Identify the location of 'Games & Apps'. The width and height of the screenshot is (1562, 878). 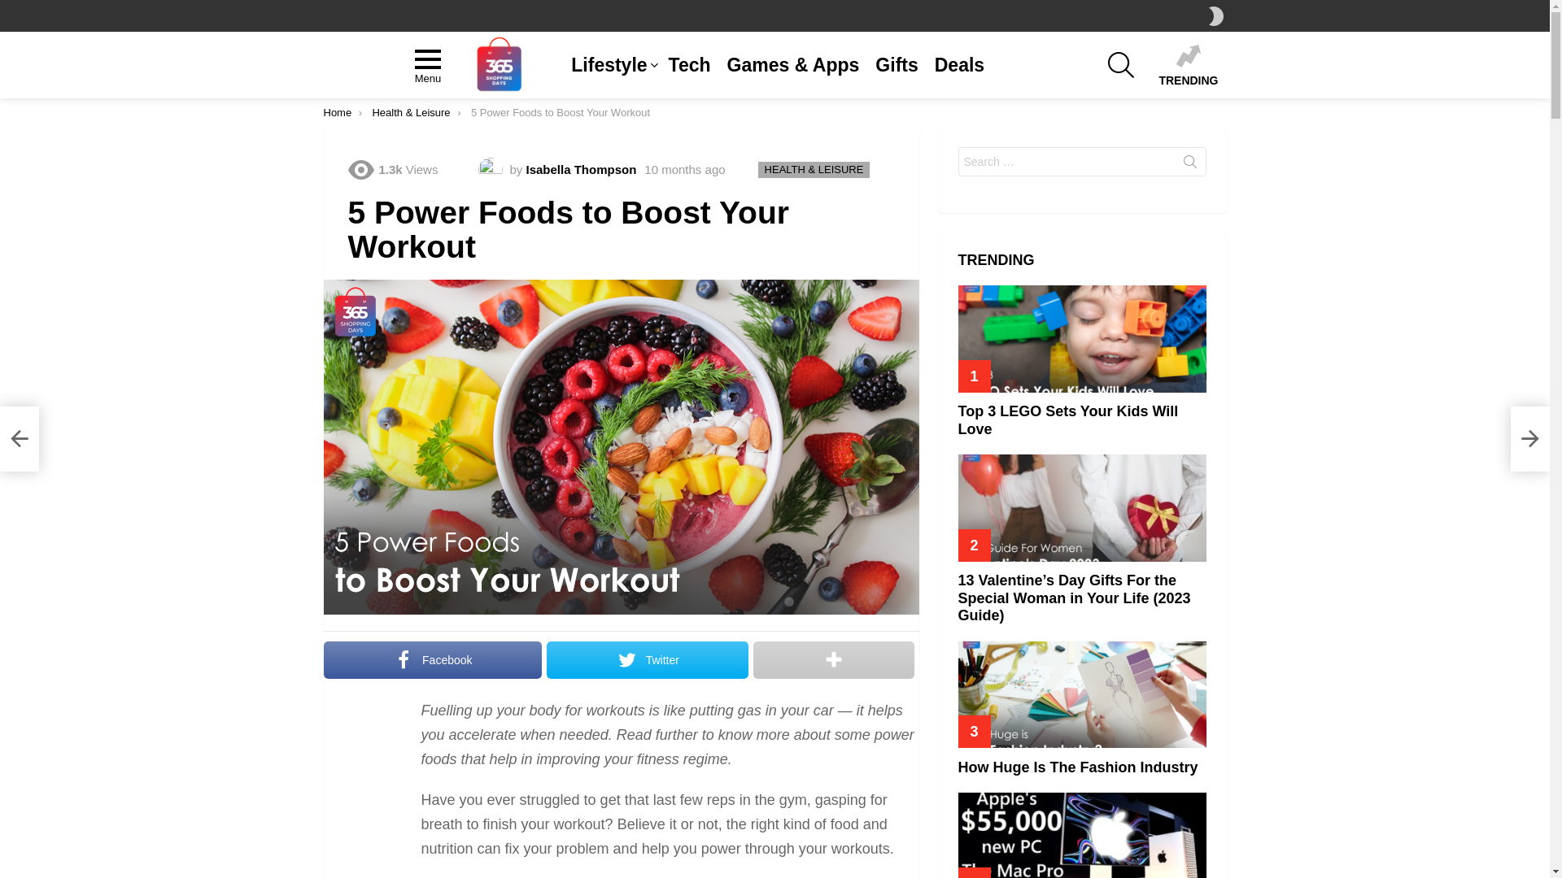
(718, 64).